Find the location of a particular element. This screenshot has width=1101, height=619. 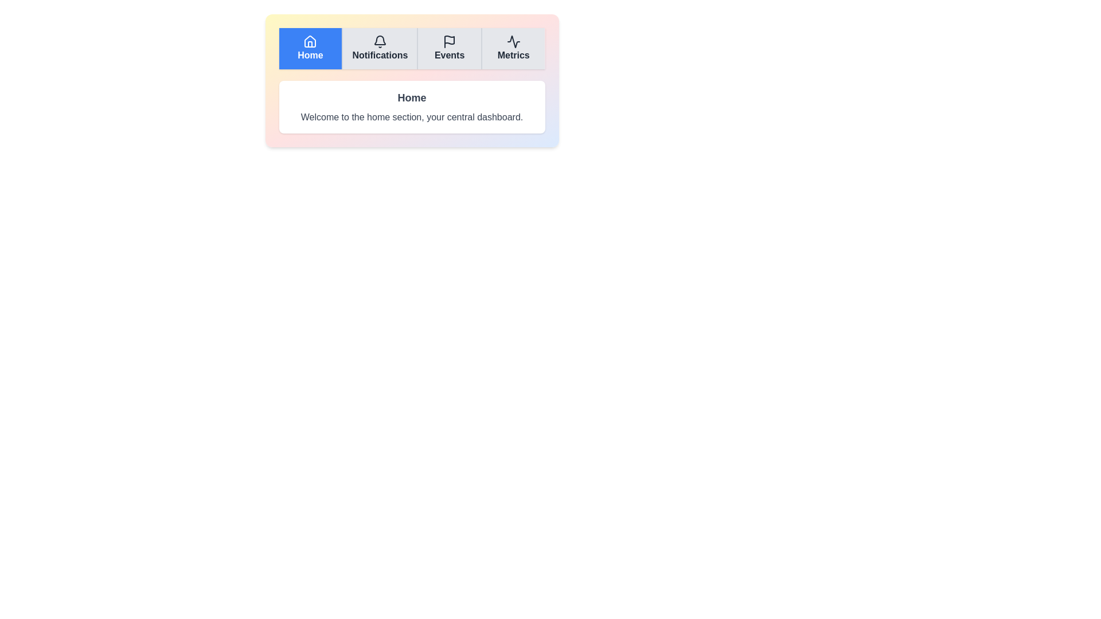

the Home tab is located at coordinates (310, 48).